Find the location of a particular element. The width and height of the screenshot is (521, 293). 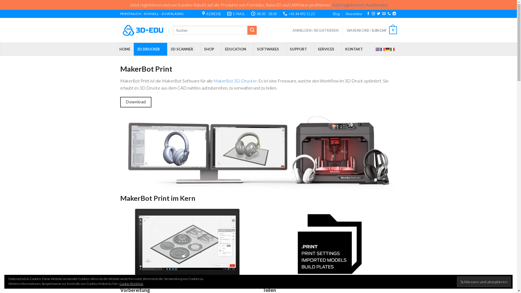

'WARENKORB / 0.00 CHF is located at coordinates (371, 30).